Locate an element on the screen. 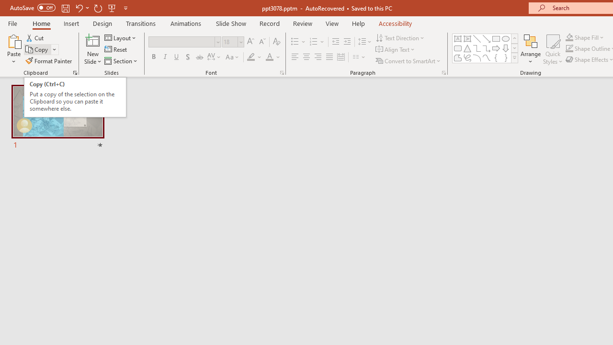  'Freeform: Scribble' is located at coordinates (467, 57).